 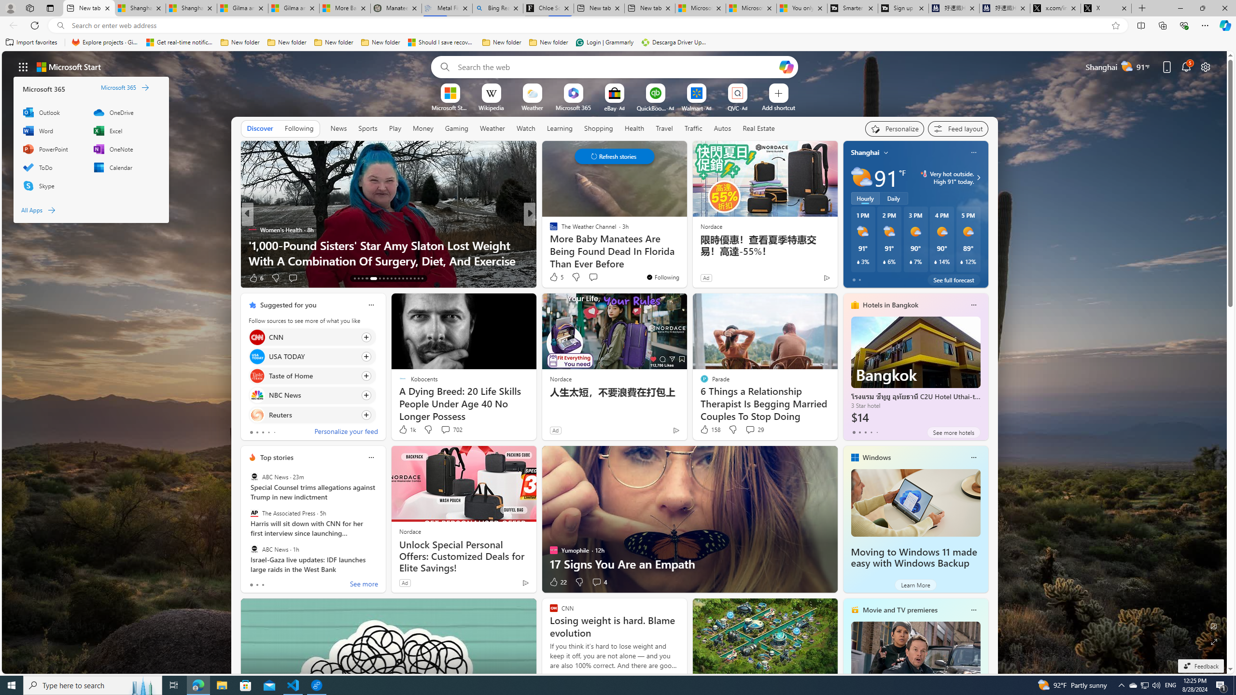 What do you see at coordinates (876, 432) in the screenshot?
I see `'tab-4'` at bounding box center [876, 432].